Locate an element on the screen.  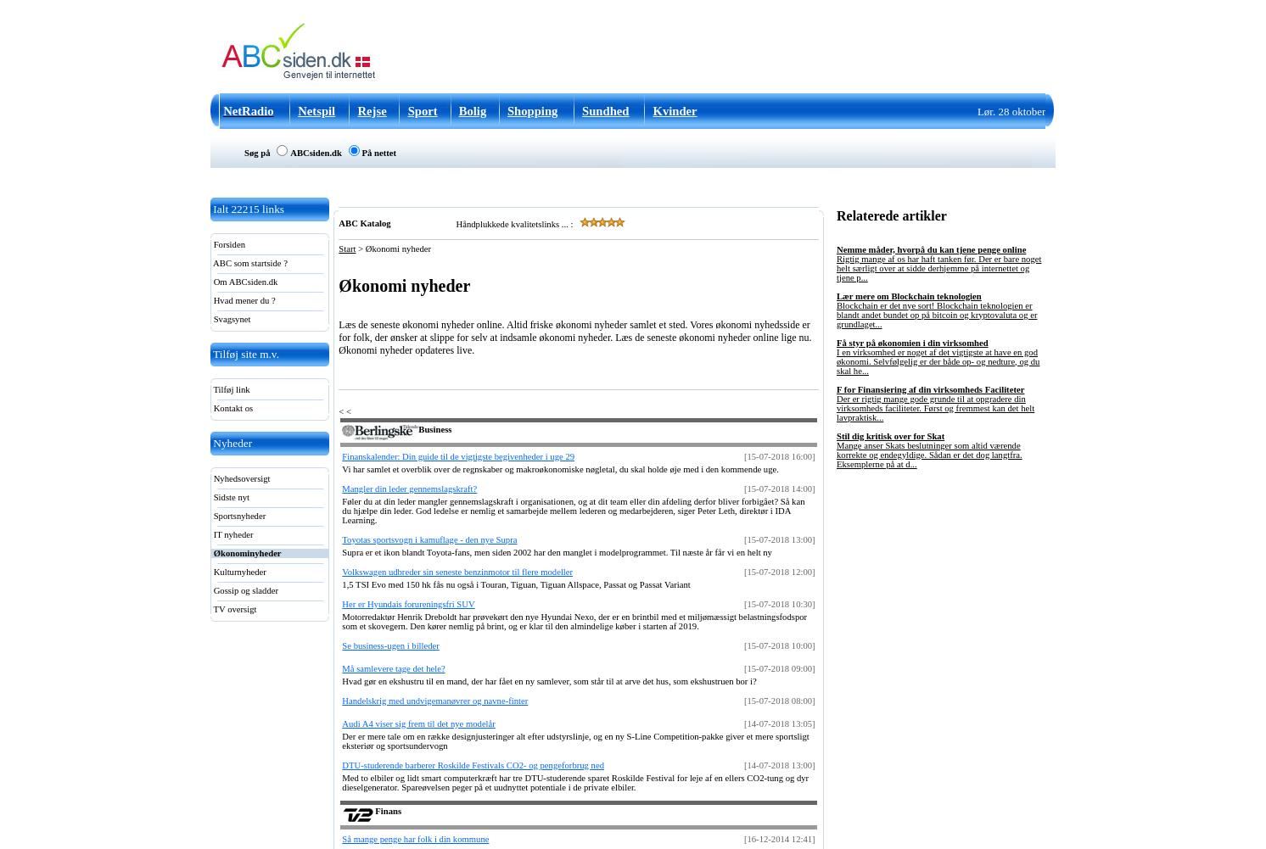
'Med to elbiler og lidt smart computerkræft har tre DTU-studerende sparet Roskilde Festival for leje af en ellers CO2-tung og dyr dieselgenerator. Spareøvelsen peger på et uudnyttet potentiale i de private elbiler.' is located at coordinates (574, 782).